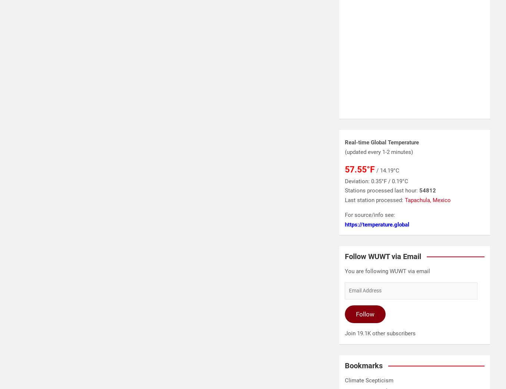 This screenshot has width=506, height=389. Describe the element at coordinates (345, 190) in the screenshot. I see `'Stations processed last hour:'` at that location.